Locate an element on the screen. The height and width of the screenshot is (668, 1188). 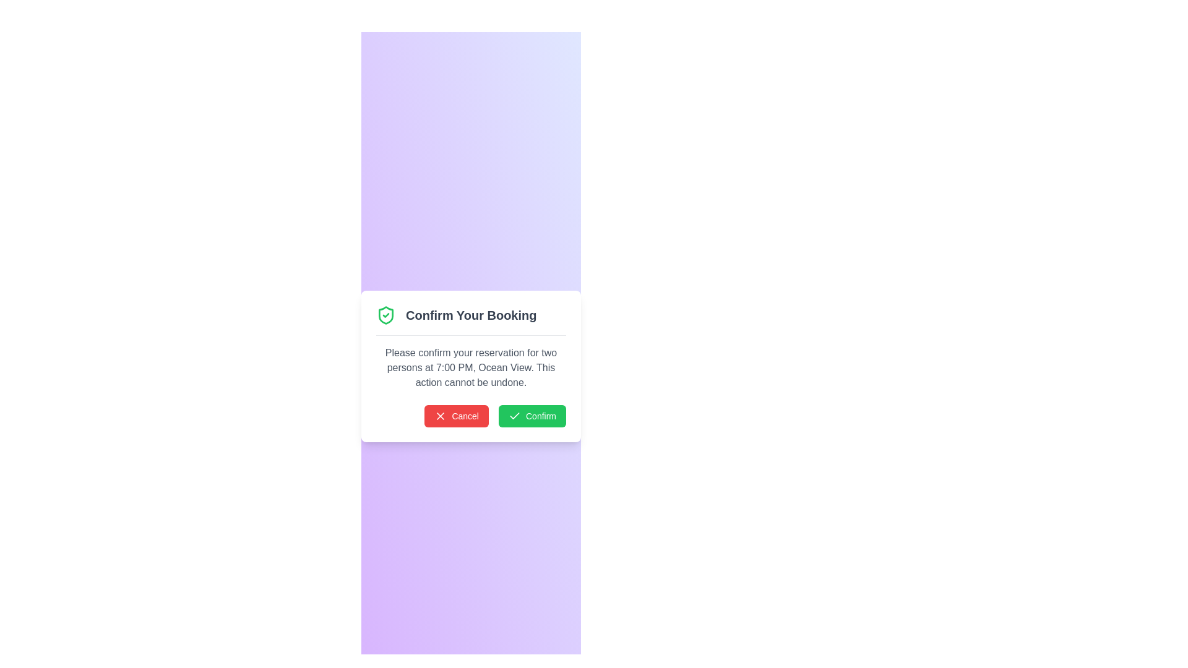
the checkmark icon with a green background inside the 'Confirm' button in the confirmation dialog box is located at coordinates (514, 416).